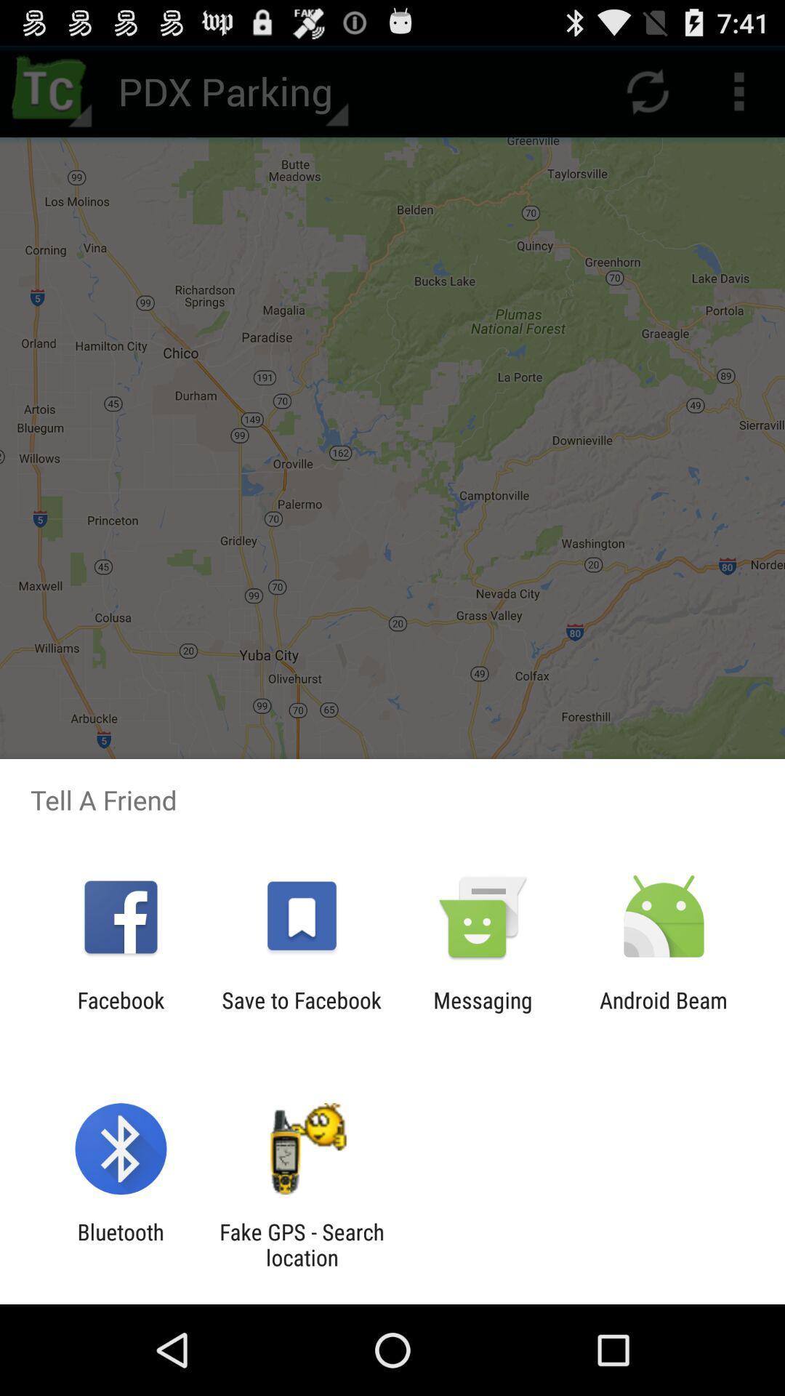  I want to click on icon next to the facebook, so click(301, 1012).